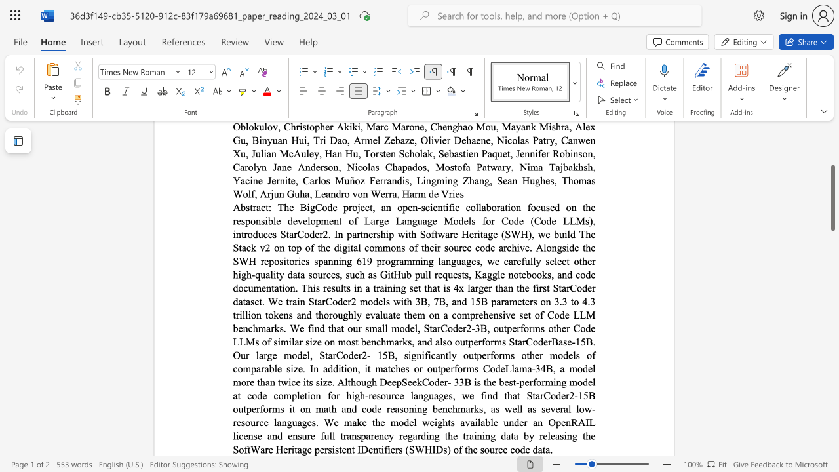  Describe the element at coordinates (307, 341) in the screenshot. I see `the 41th character "s" in the text` at that location.